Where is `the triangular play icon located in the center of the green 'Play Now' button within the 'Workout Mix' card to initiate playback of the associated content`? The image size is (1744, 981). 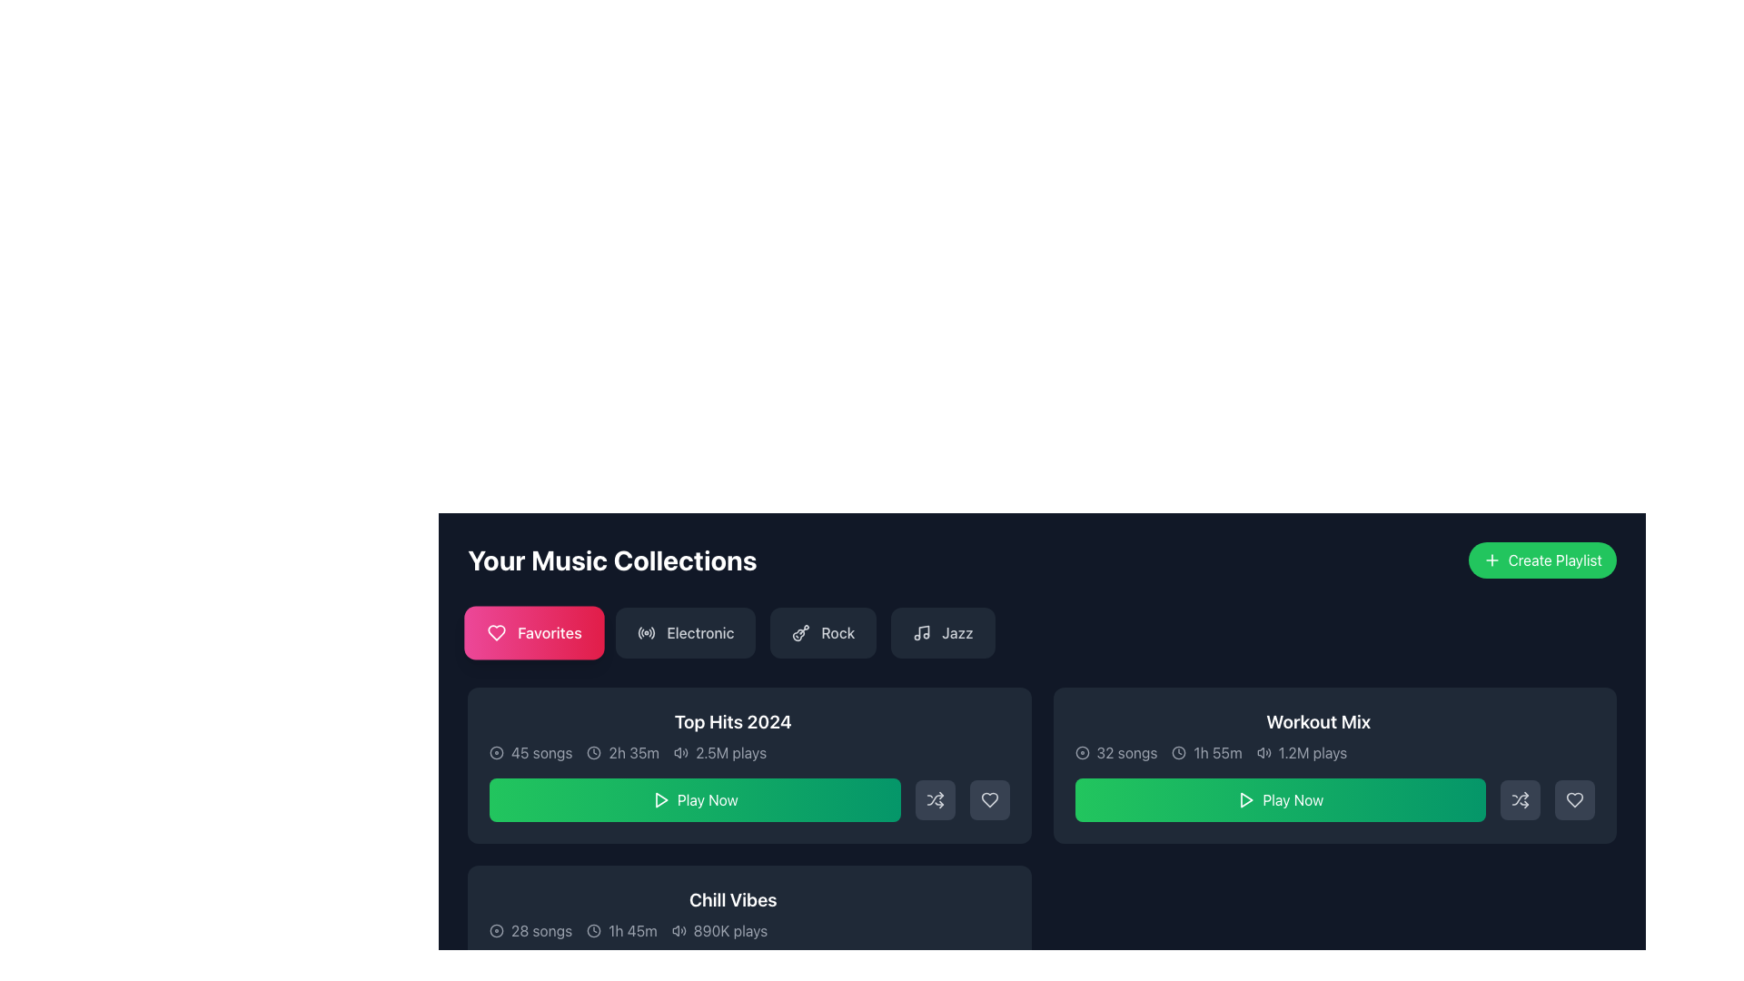 the triangular play icon located in the center of the green 'Play Now' button within the 'Workout Mix' card to initiate playback of the associated content is located at coordinates (1246, 798).